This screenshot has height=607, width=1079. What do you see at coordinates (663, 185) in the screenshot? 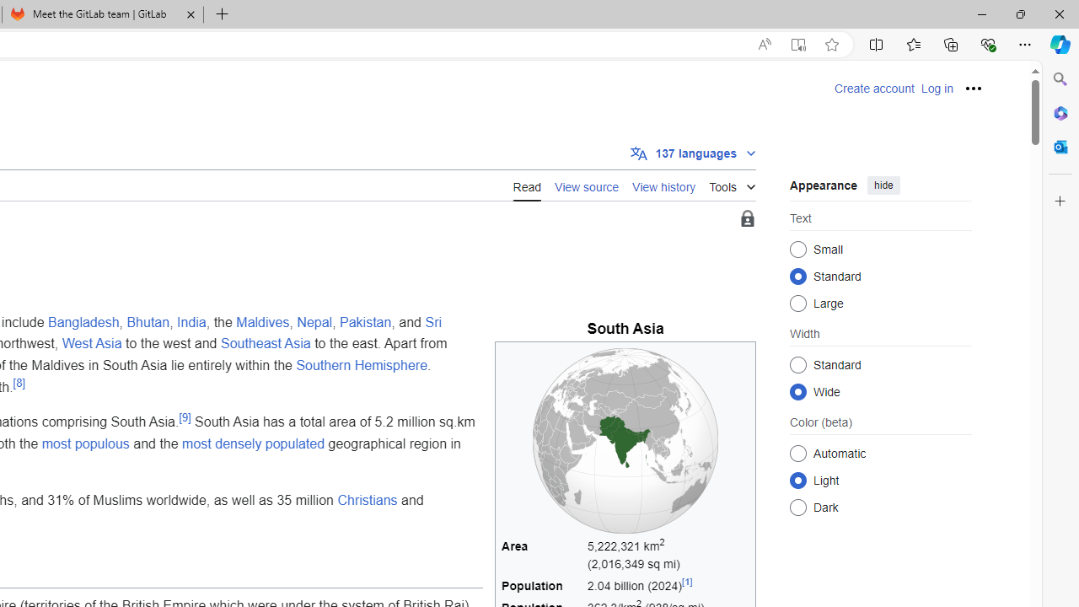
I see `'View history'` at bounding box center [663, 185].